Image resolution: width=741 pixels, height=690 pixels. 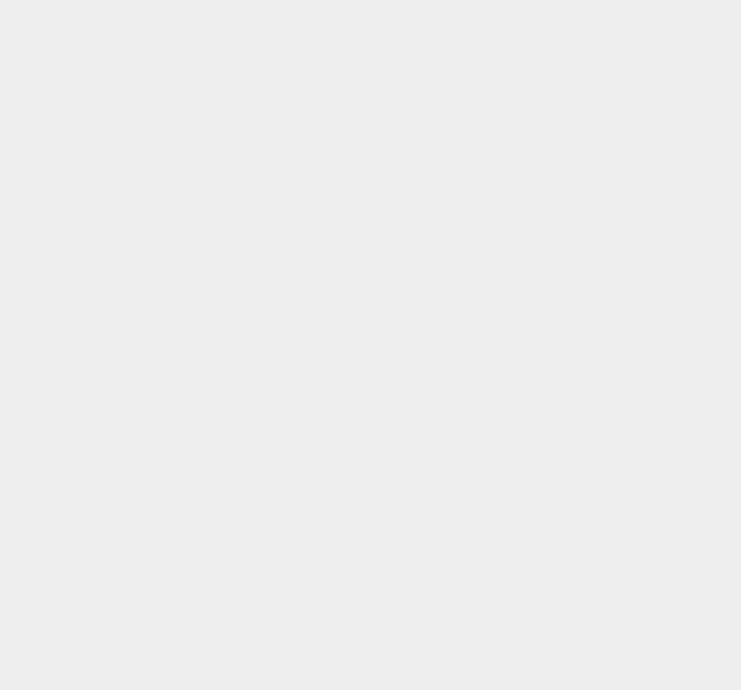 I want to click on 'Yalu', so click(x=532, y=222).